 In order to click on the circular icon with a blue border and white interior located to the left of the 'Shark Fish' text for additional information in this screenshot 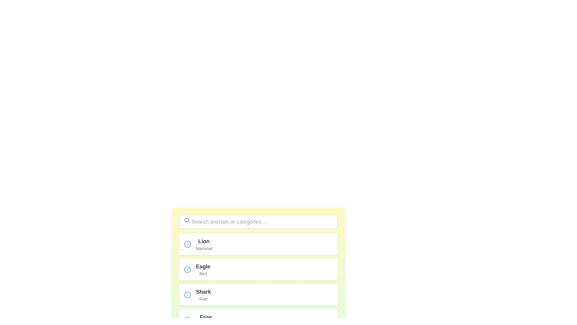, I will do `click(187, 294)`.